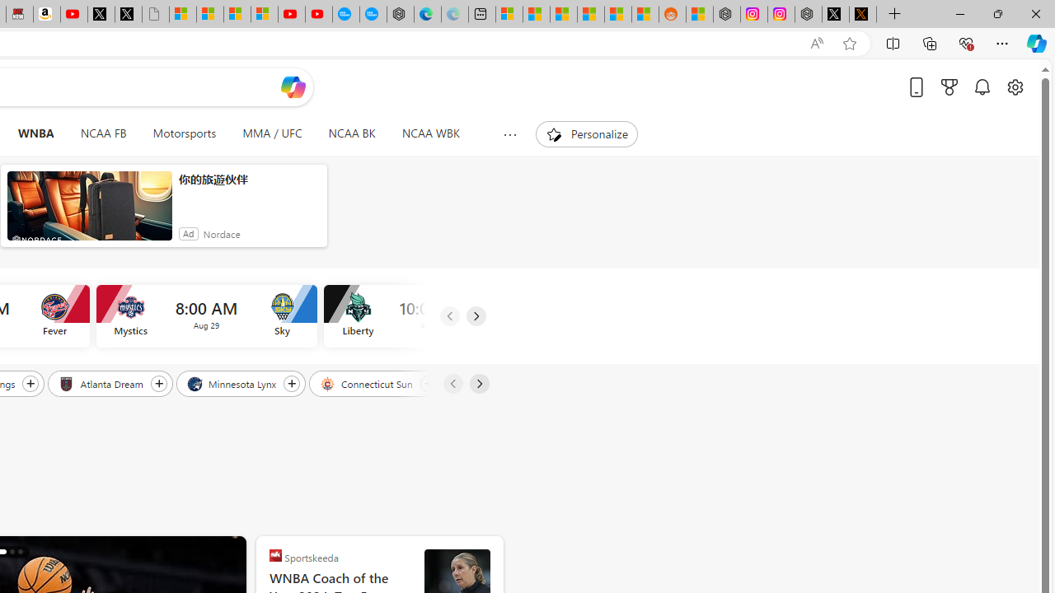  Describe the element at coordinates (35, 133) in the screenshot. I see `'WNBA'` at that location.